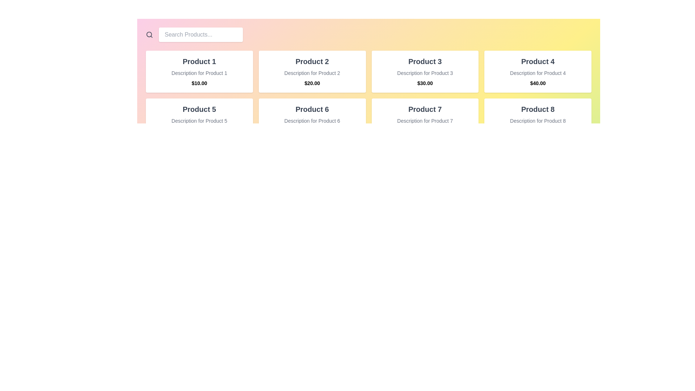 The image size is (695, 391). Describe the element at coordinates (312, 61) in the screenshot. I see `the Text label that serves as the title for 'Product 2' located in the upper portion of the card in the second column of the first row` at that location.